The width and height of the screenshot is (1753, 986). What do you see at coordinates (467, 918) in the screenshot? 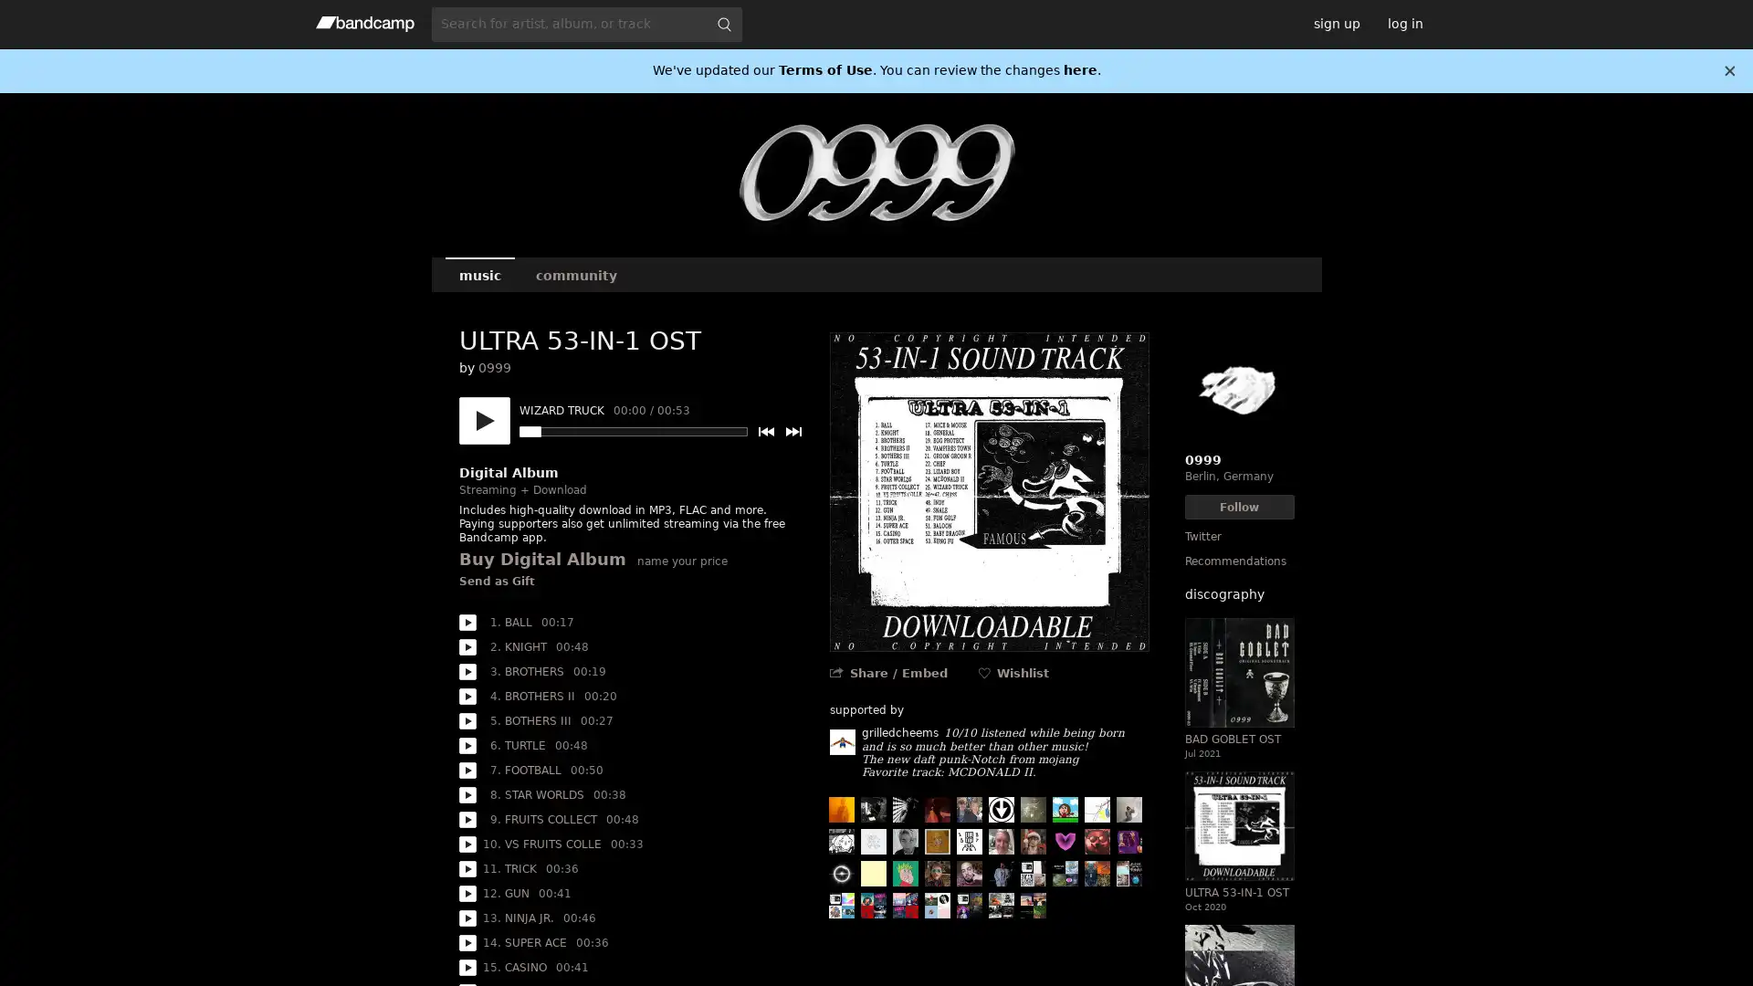
I see `Play NINJA JR.` at bounding box center [467, 918].